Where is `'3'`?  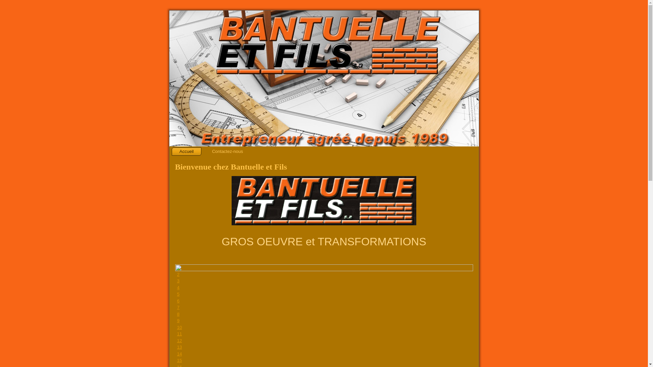
'3' is located at coordinates (178, 281).